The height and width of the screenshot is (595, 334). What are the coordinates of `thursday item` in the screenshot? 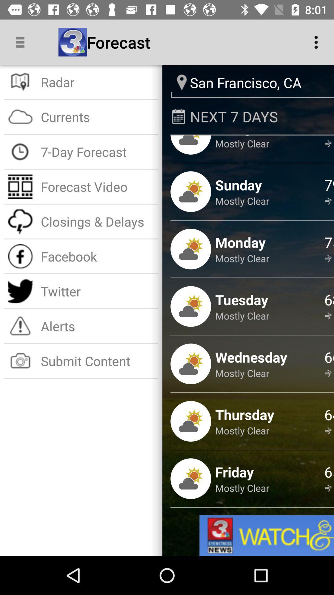 It's located at (244, 414).